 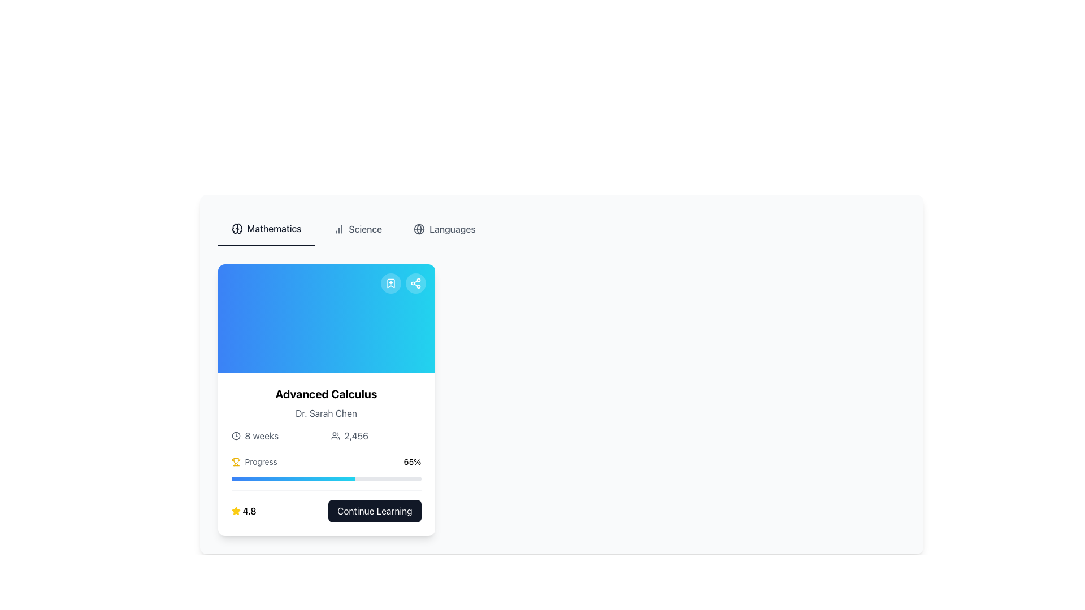 What do you see at coordinates (235, 435) in the screenshot?
I see `the circle element in the SVG graphic that represents a clock, located near the center of the icon in the 'Advanced Calculus' card` at bounding box center [235, 435].